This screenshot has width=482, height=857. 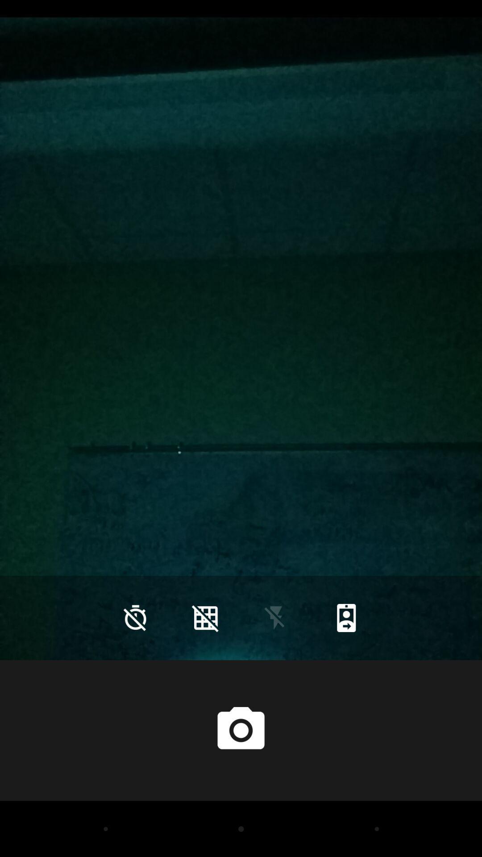 What do you see at coordinates (135, 617) in the screenshot?
I see `the time icon` at bounding box center [135, 617].